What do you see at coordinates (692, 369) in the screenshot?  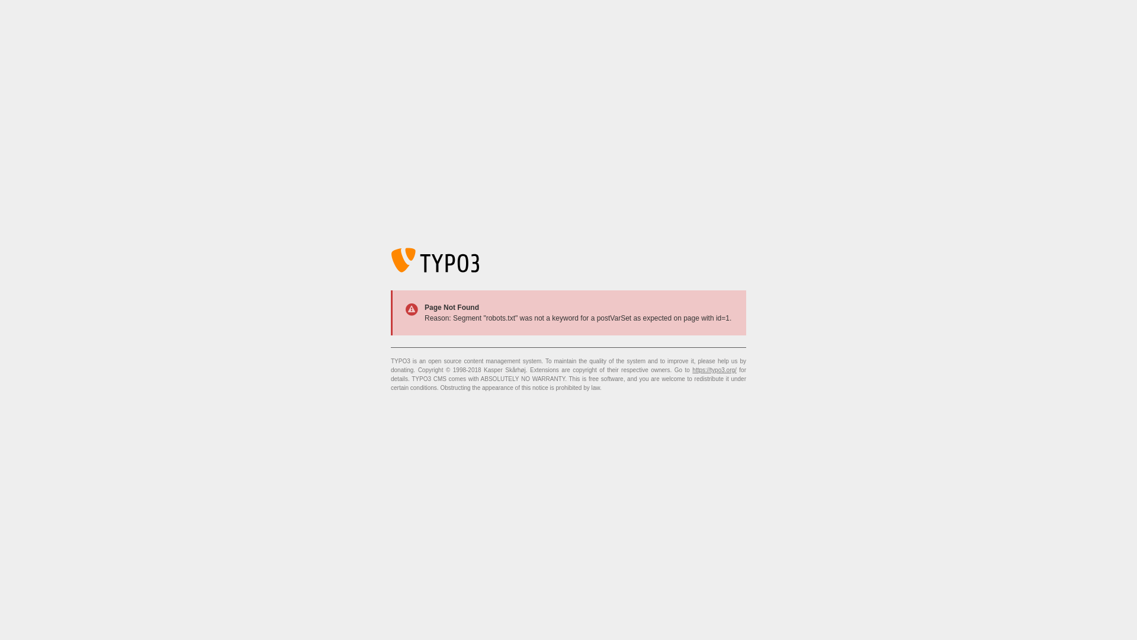 I see `'https://typo3.org/'` at bounding box center [692, 369].